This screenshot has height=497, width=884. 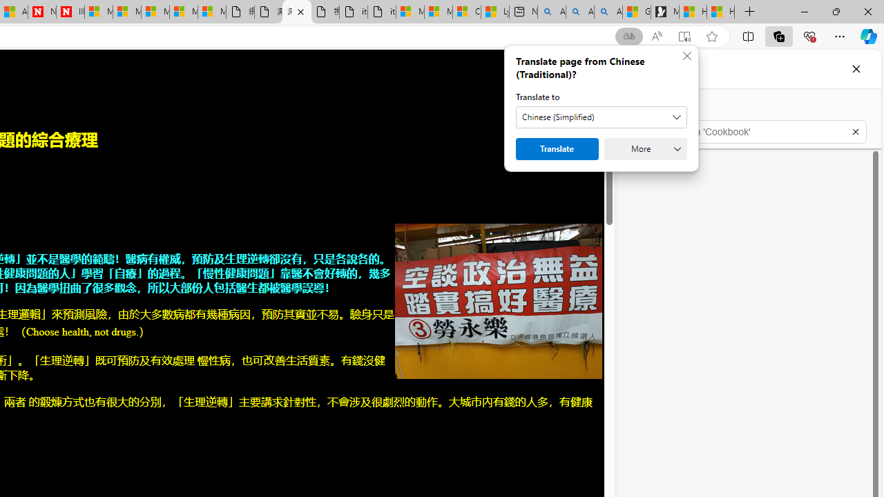 What do you see at coordinates (748, 132) in the screenshot?
I see `'Search in '` at bounding box center [748, 132].